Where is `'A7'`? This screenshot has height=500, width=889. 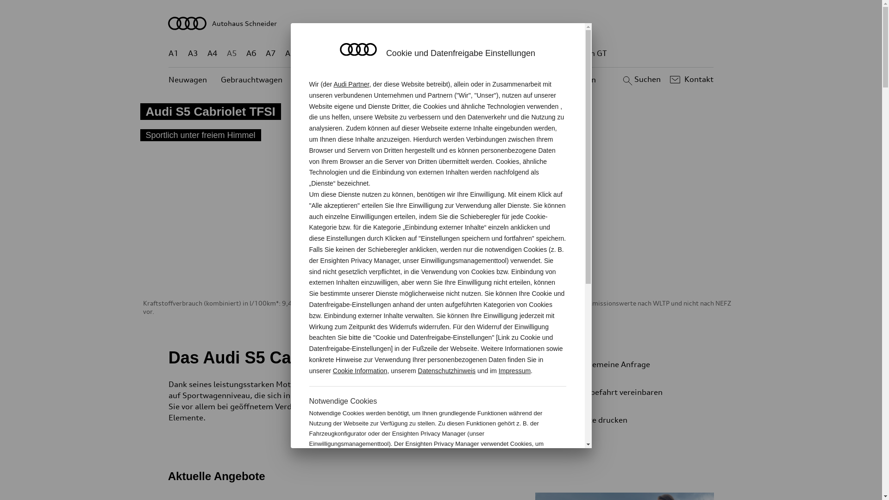 'A7' is located at coordinates (270, 53).